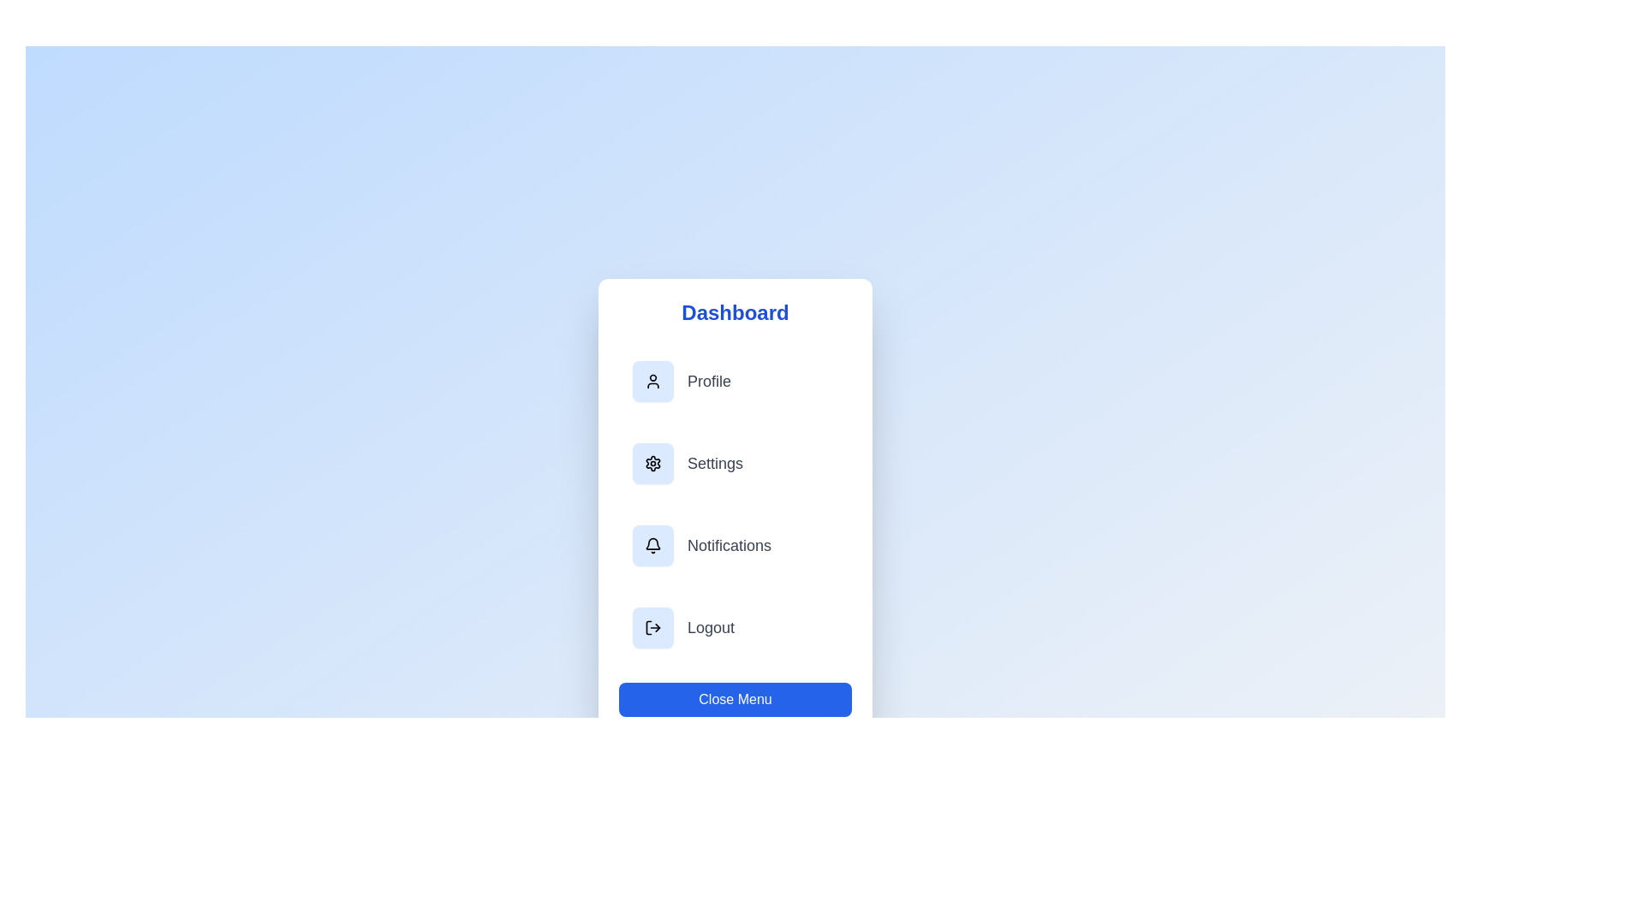 The image size is (1644, 924). I want to click on the menu item labeled Profile to navigate to its respective section, so click(736, 381).